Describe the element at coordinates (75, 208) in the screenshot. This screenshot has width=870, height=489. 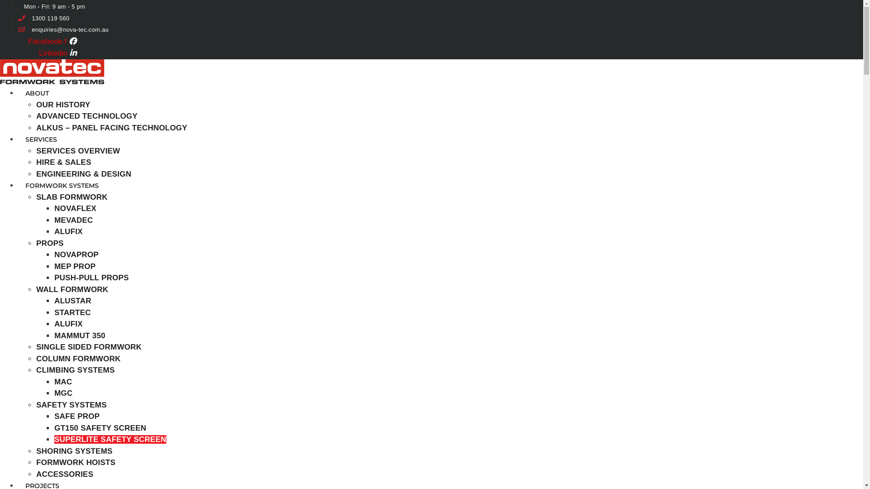
I see `'NOVAFLEX'` at that location.